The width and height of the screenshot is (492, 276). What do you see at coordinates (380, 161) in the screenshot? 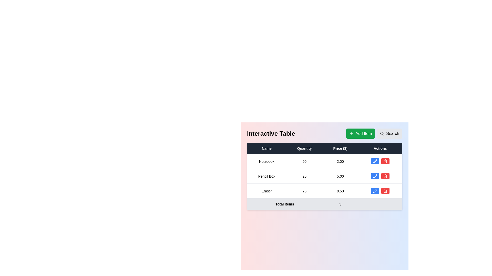
I see `the interactive button group located in the 'Actions' column of the first row of the data table` at bounding box center [380, 161].